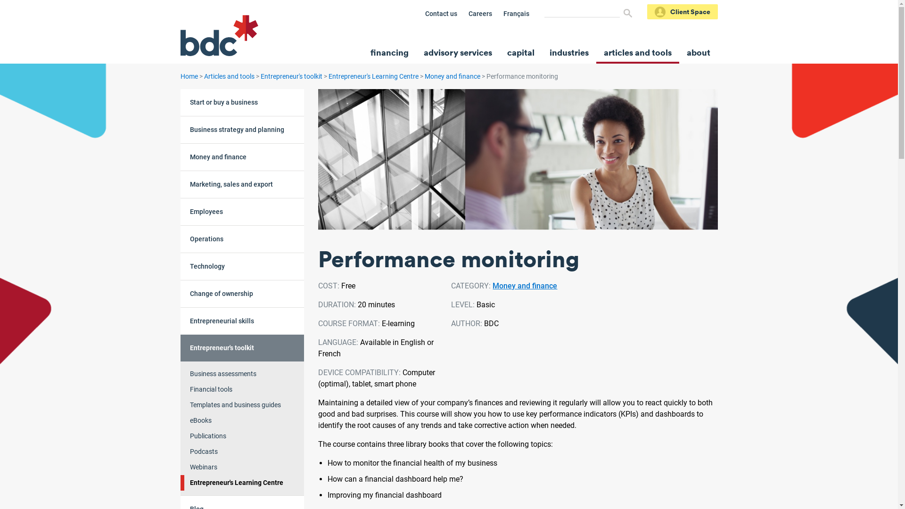  Describe the element at coordinates (568, 52) in the screenshot. I see `'industries'` at that location.